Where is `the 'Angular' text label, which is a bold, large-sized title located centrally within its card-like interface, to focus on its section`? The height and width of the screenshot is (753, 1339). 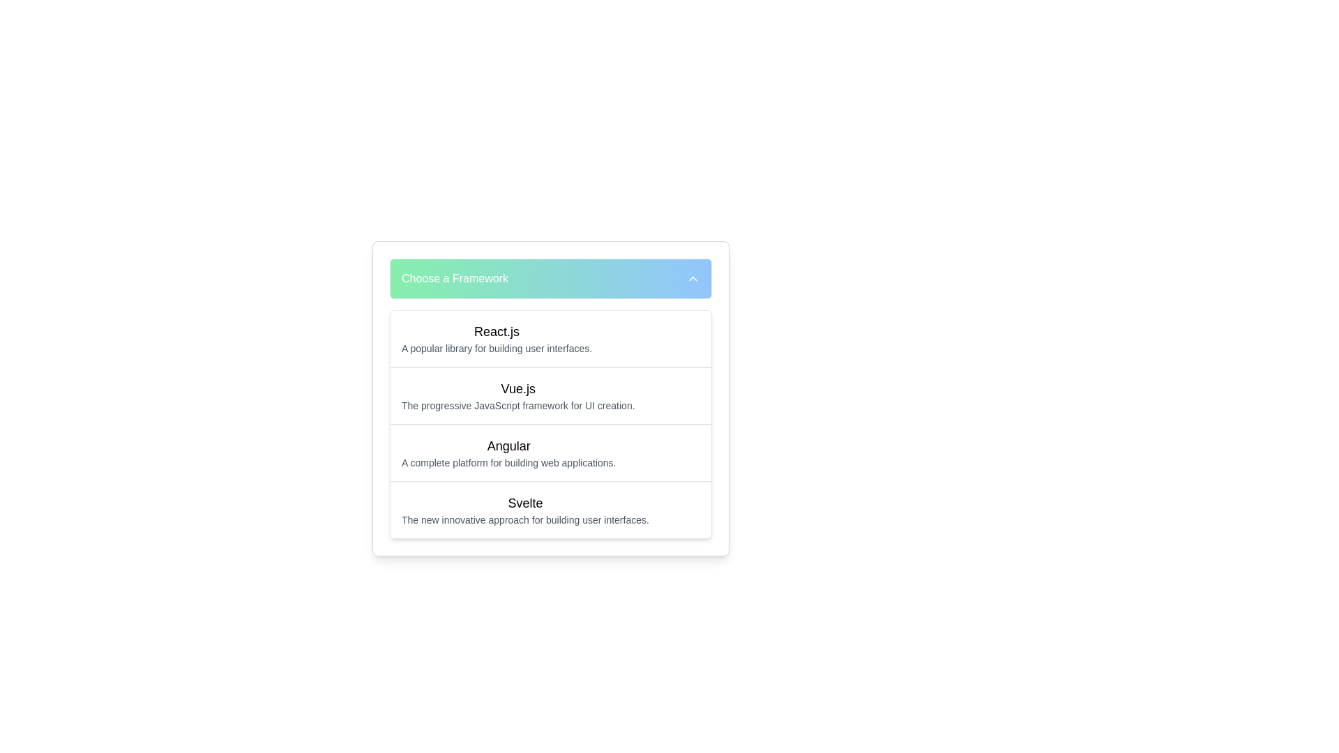 the 'Angular' text label, which is a bold, large-sized title located centrally within its card-like interface, to focus on its section is located at coordinates (508, 446).